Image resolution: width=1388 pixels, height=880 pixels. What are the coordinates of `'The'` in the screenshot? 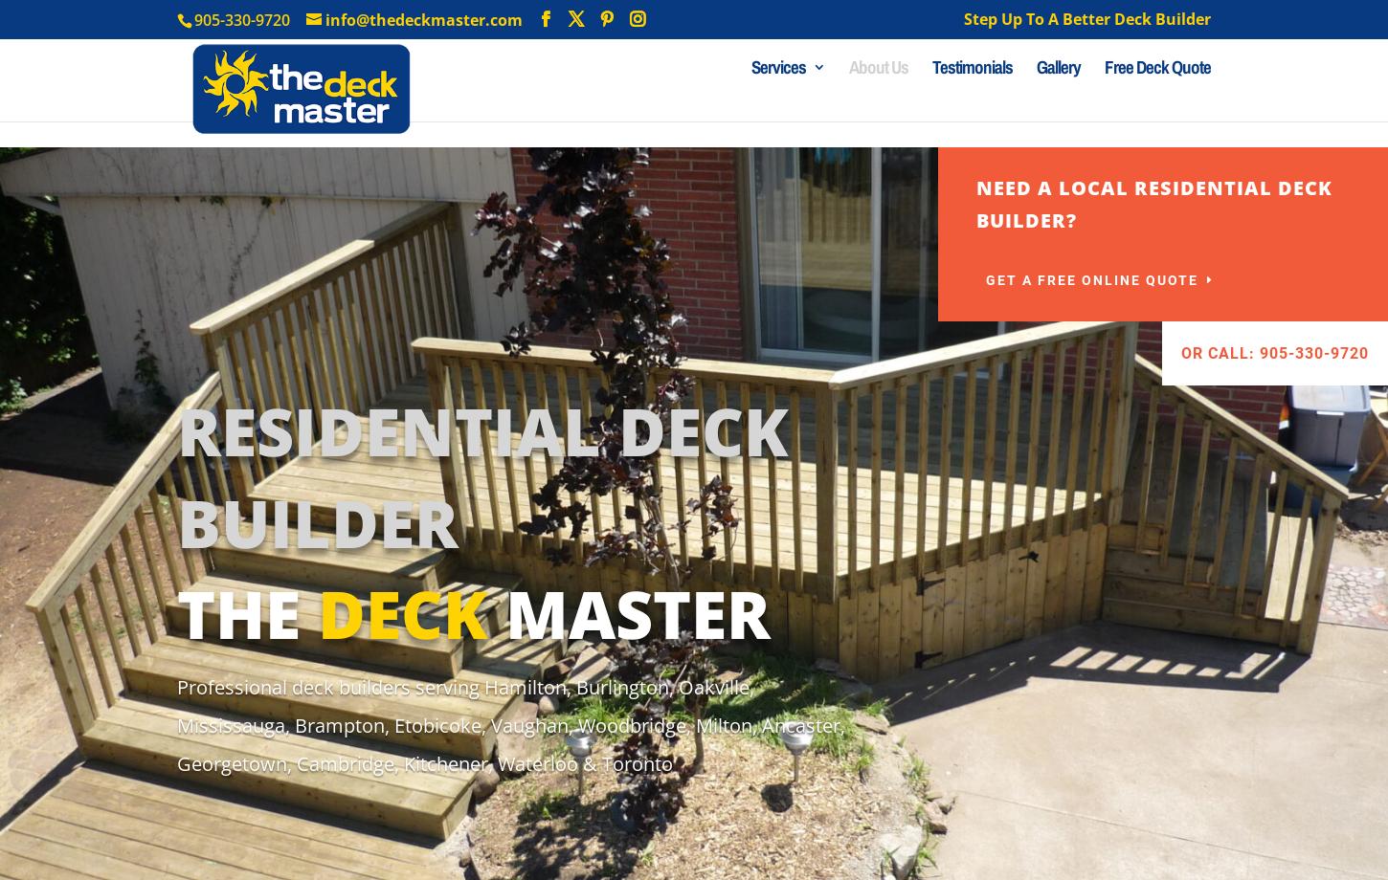 It's located at (247, 611).